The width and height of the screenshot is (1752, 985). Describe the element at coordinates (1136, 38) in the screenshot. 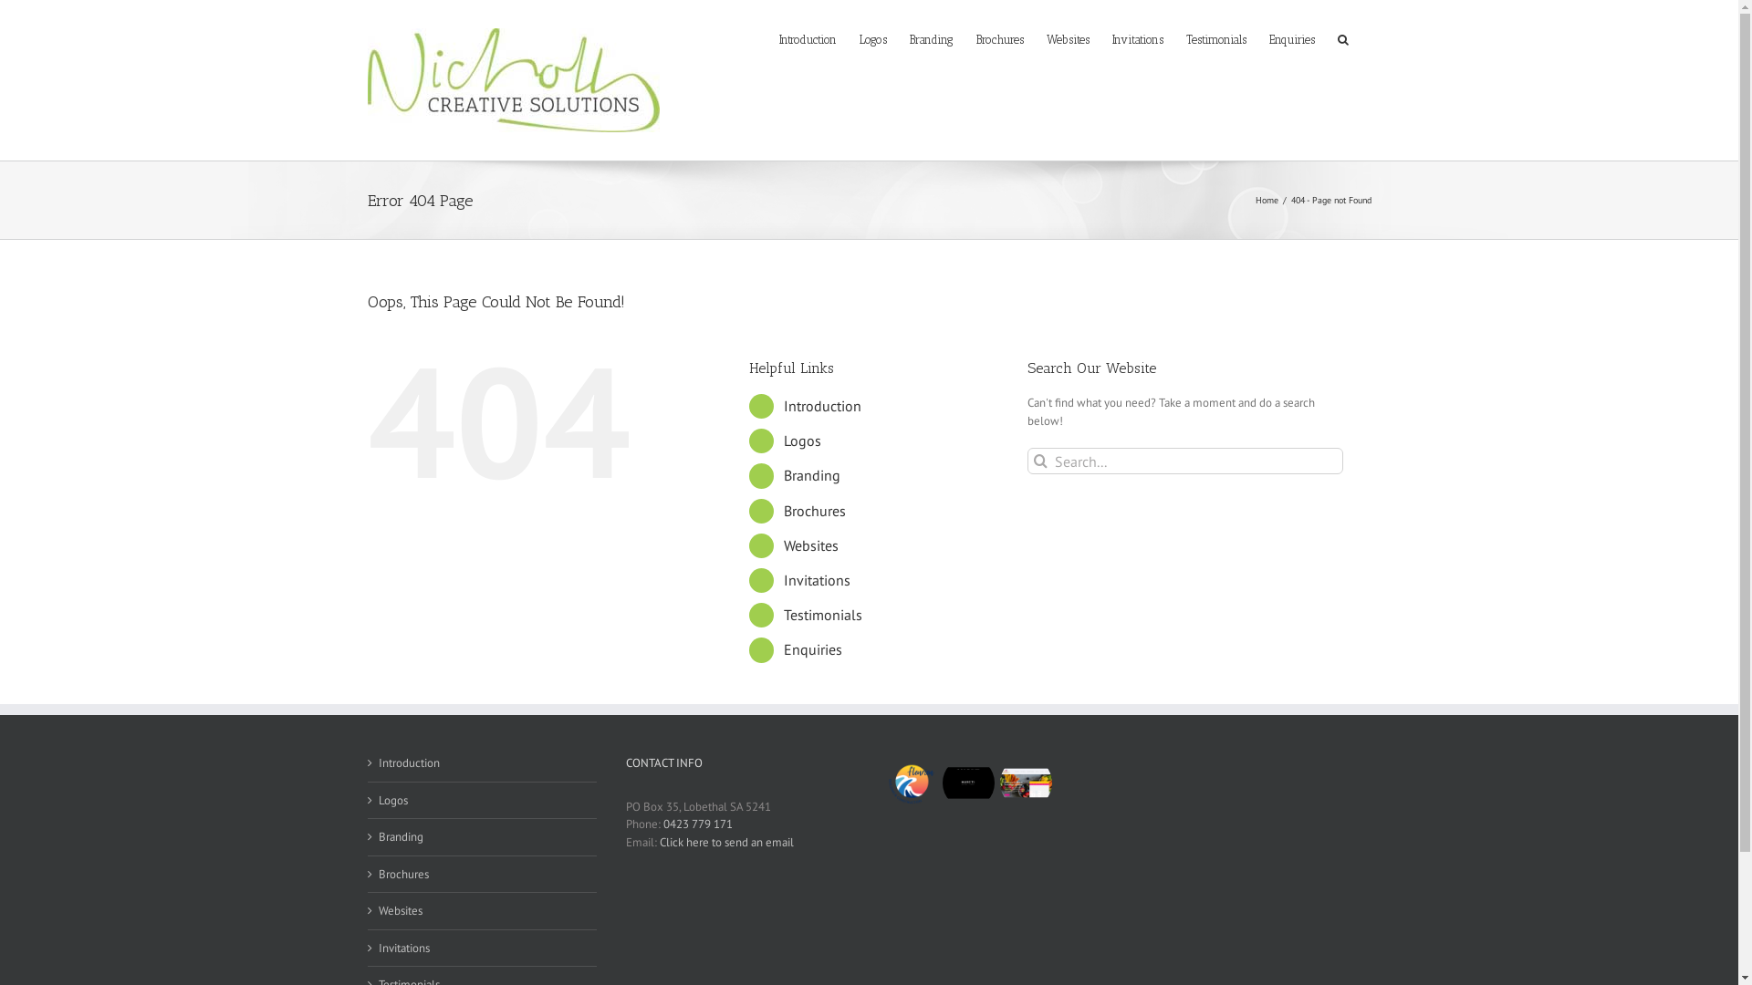

I see `'Invitations'` at that location.